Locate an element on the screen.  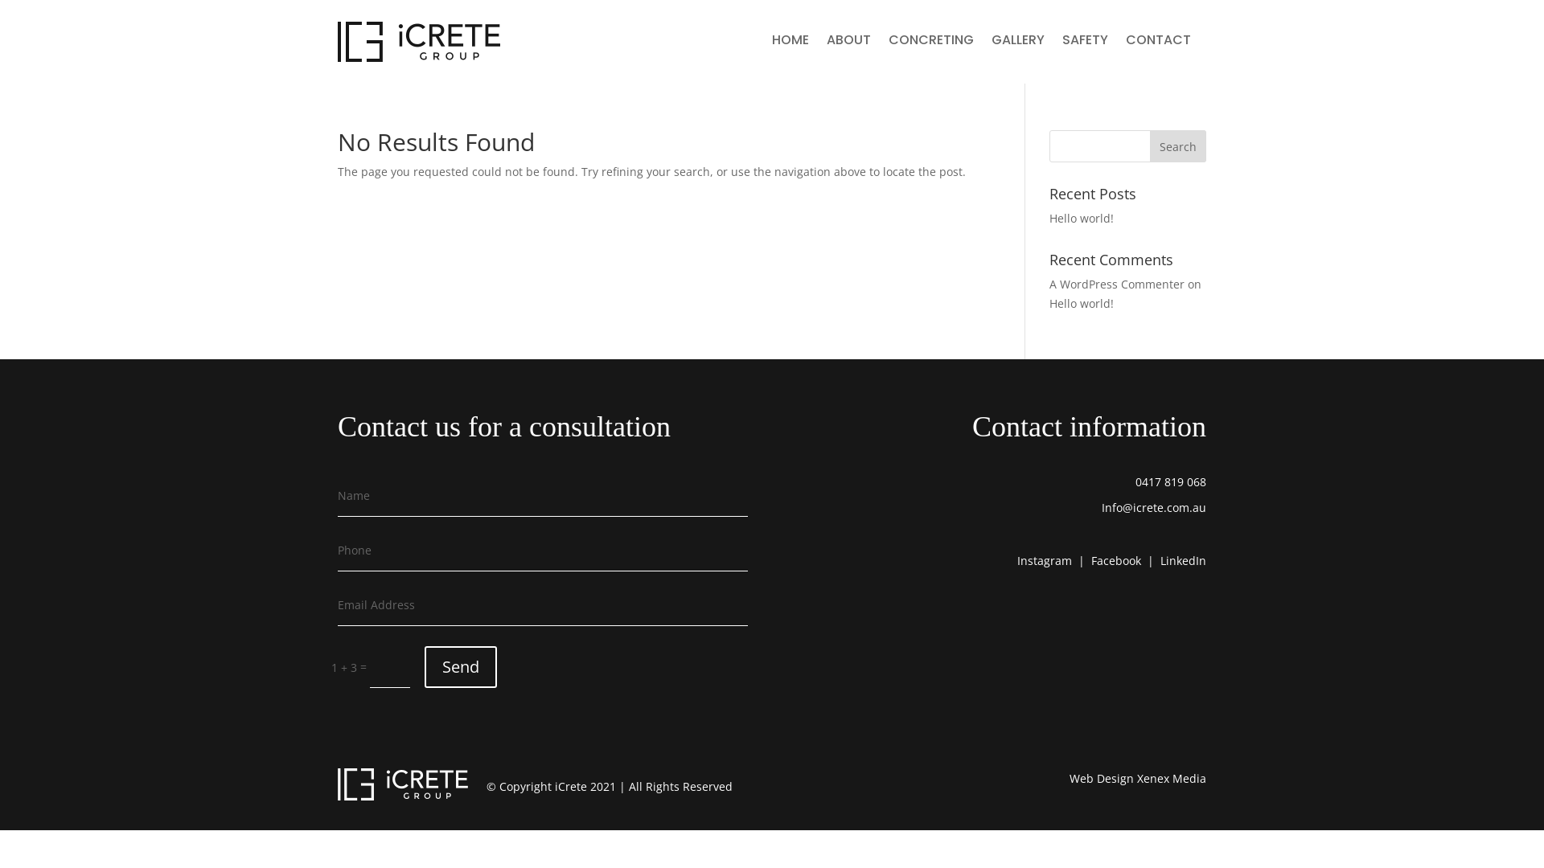
'ABOUT' is located at coordinates (848, 43).